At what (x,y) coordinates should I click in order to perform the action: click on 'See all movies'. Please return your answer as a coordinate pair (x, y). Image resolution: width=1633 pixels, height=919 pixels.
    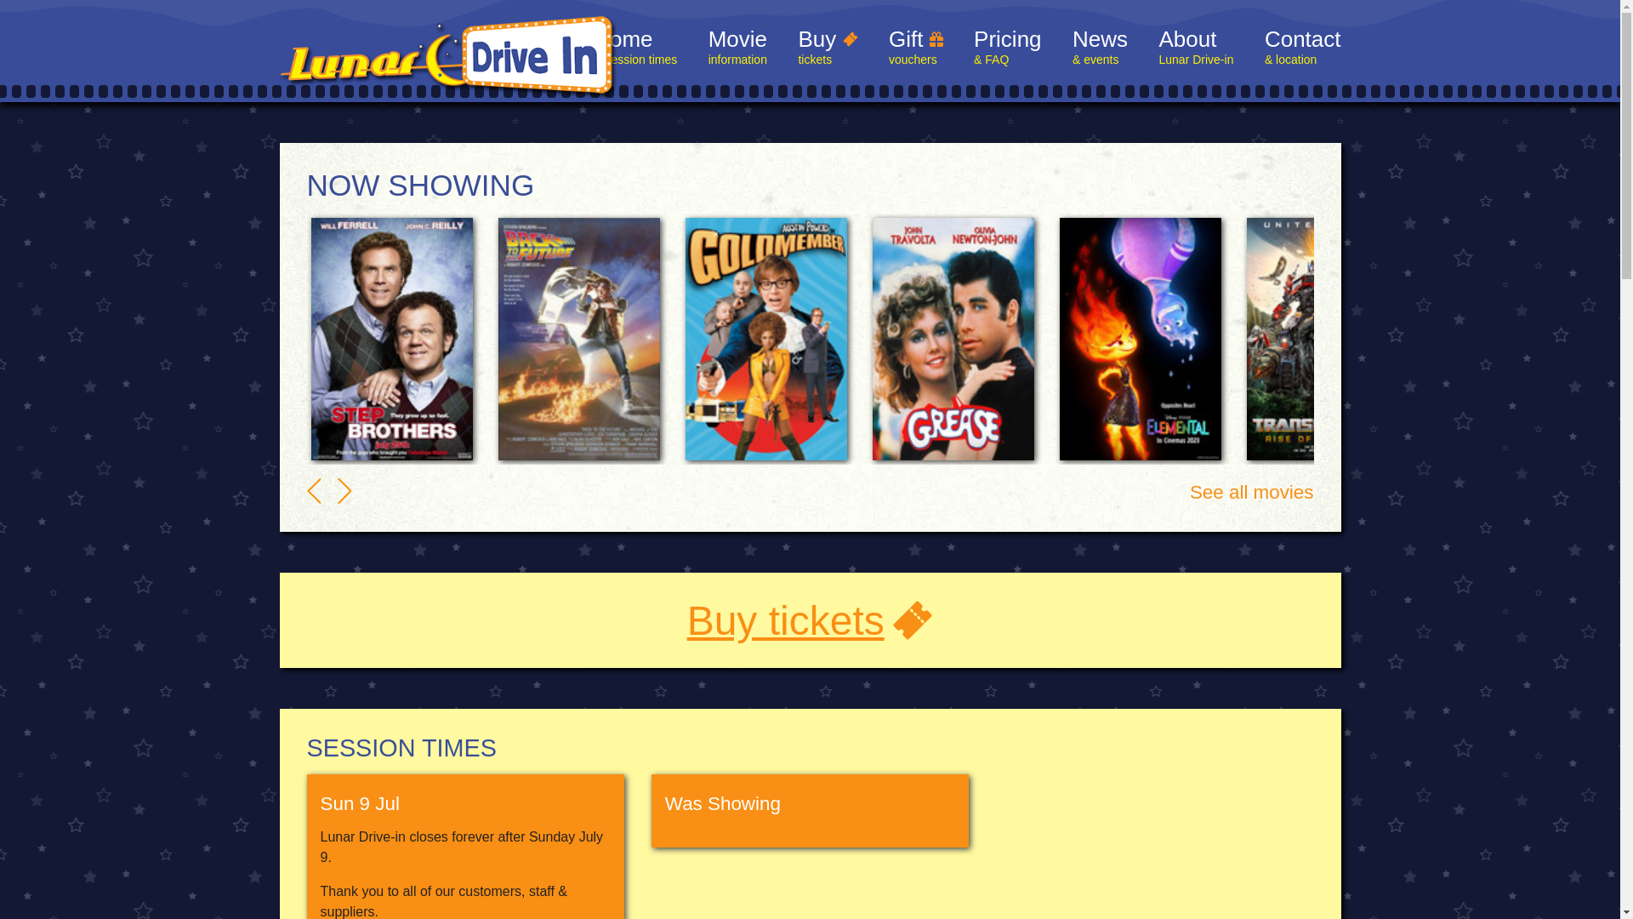
    Looking at the image, I should click on (1252, 492).